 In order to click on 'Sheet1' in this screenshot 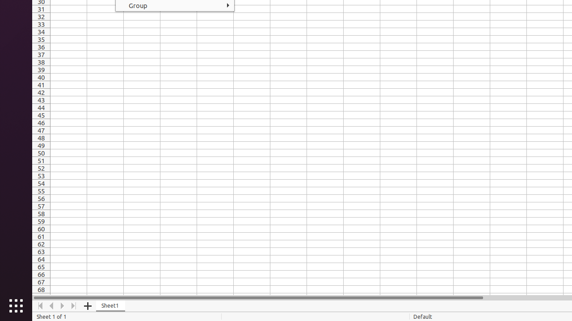, I will do `click(110, 305)`.